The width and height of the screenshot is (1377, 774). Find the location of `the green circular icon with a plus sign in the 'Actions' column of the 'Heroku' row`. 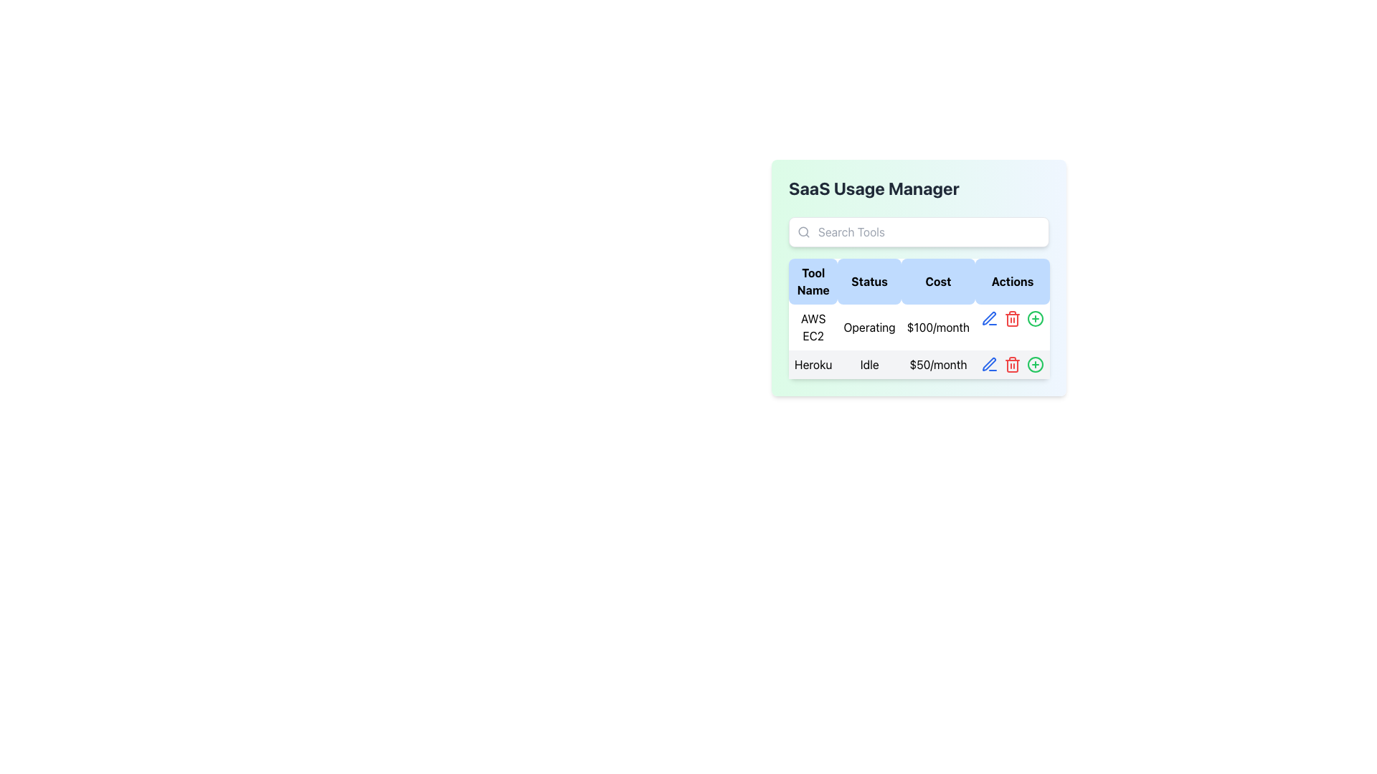

the green circular icon with a plus sign in the 'Actions' column of the 'Heroku' row is located at coordinates (1036, 317).